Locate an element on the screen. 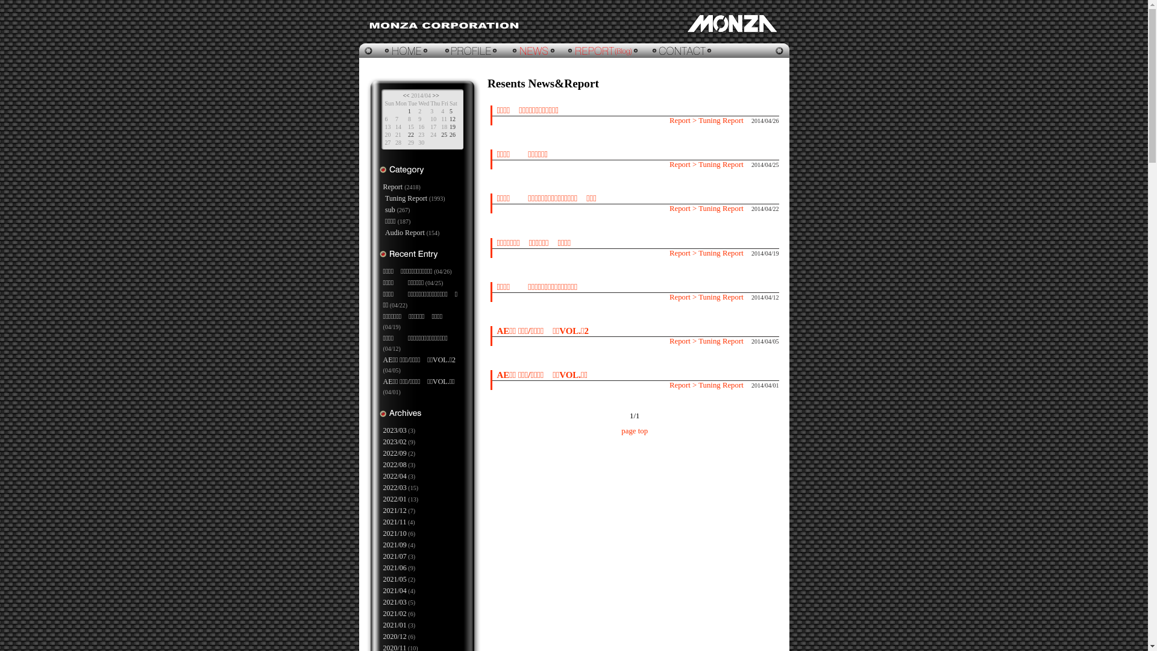  '>>' is located at coordinates (435, 95).